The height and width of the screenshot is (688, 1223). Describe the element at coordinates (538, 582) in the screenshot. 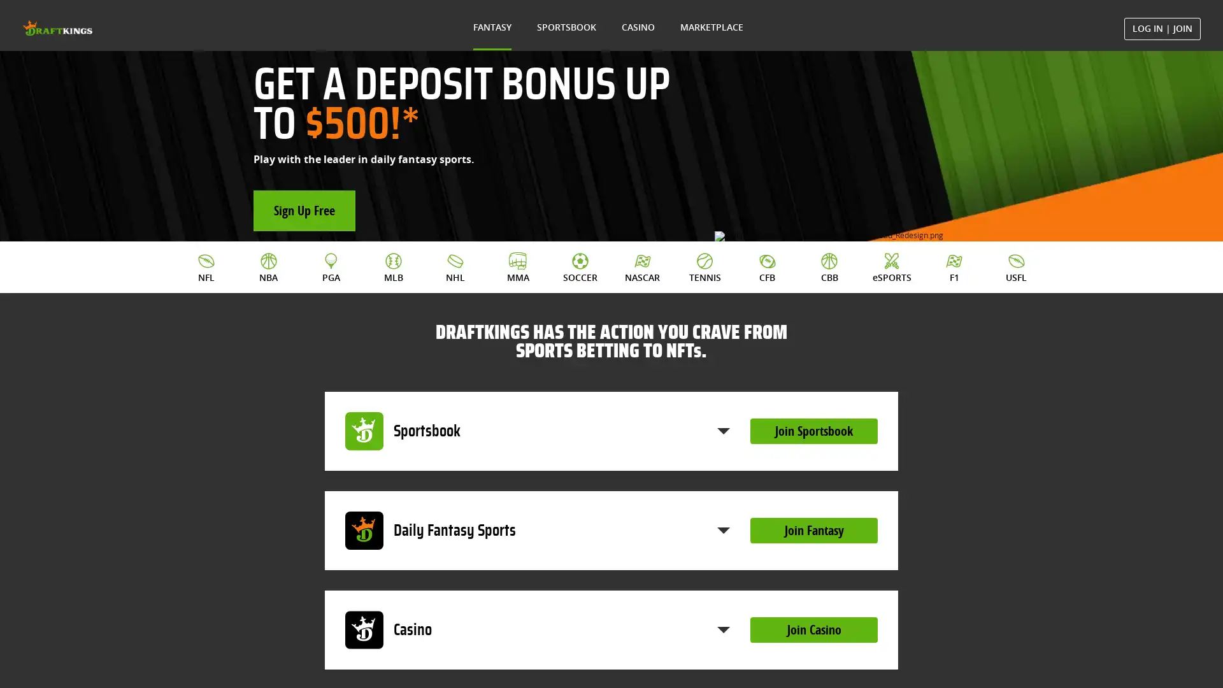

I see `DFS_Icon_Only_1.svg Daily Fantasy Sports` at that location.